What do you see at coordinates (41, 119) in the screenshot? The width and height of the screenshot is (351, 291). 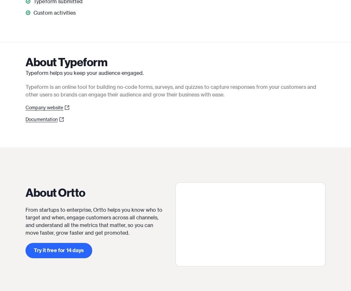 I see `'Documentation'` at bounding box center [41, 119].